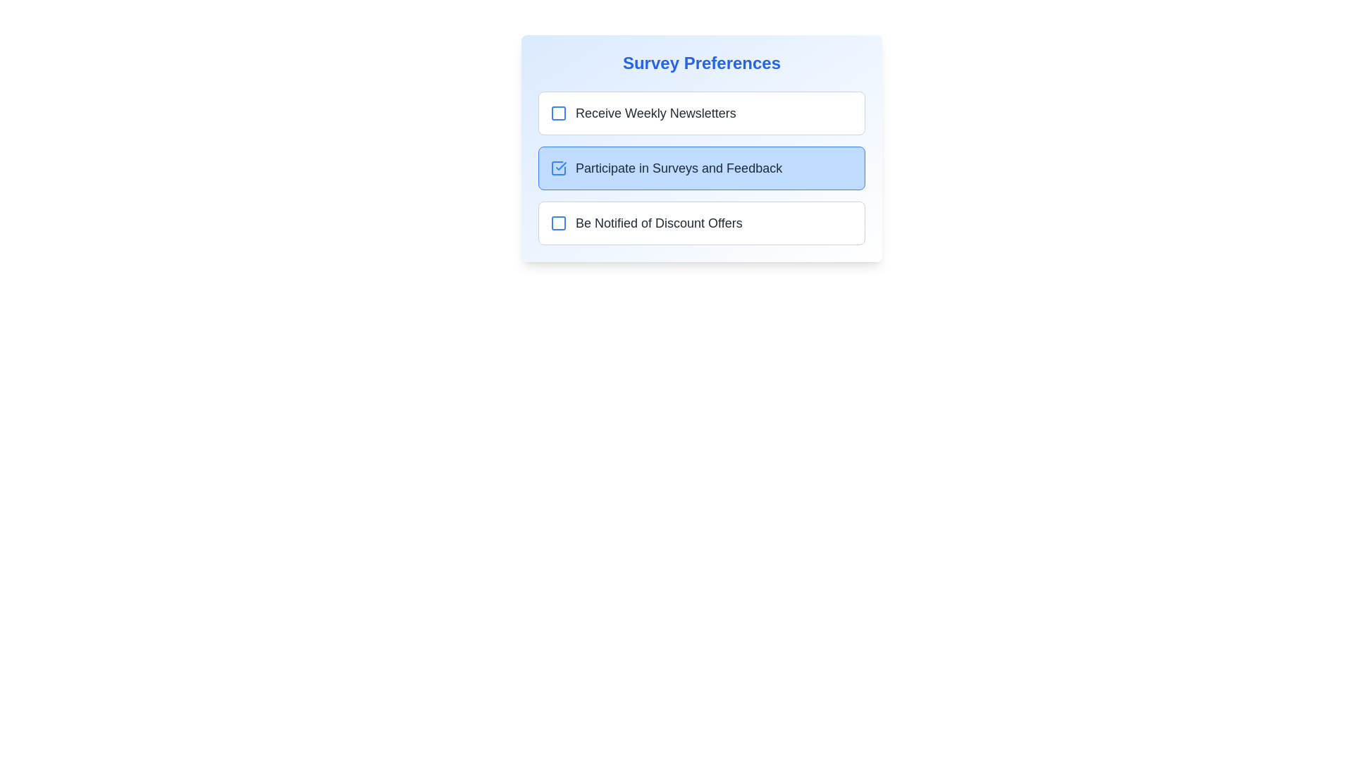 Image resolution: width=1353 pixels, height=761 pixels. Describe the element at coordinates (557, 113) in the screenshot. I see `the inner rectangle of the checkbox icon for the 'Receive Weekly Newsletters' preference in the 'Survey Preferences' section` at that location.